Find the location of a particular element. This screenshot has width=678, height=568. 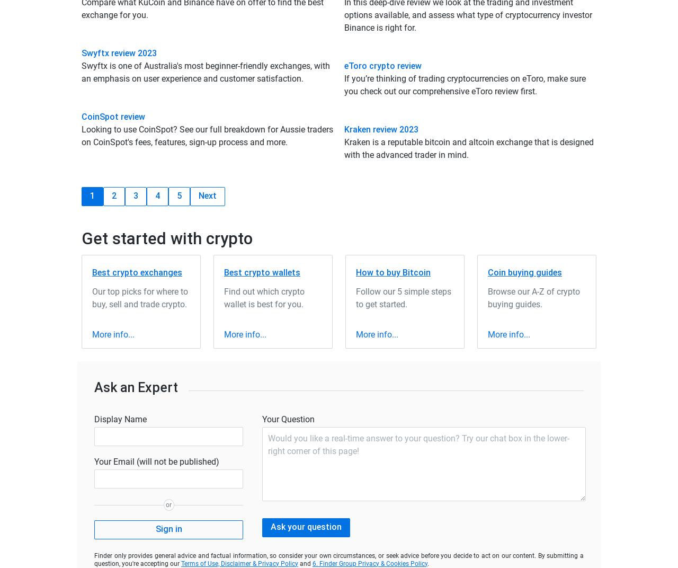

'Browse our A-Z of crypto buying guides.' is located at coordinates (534, 297).